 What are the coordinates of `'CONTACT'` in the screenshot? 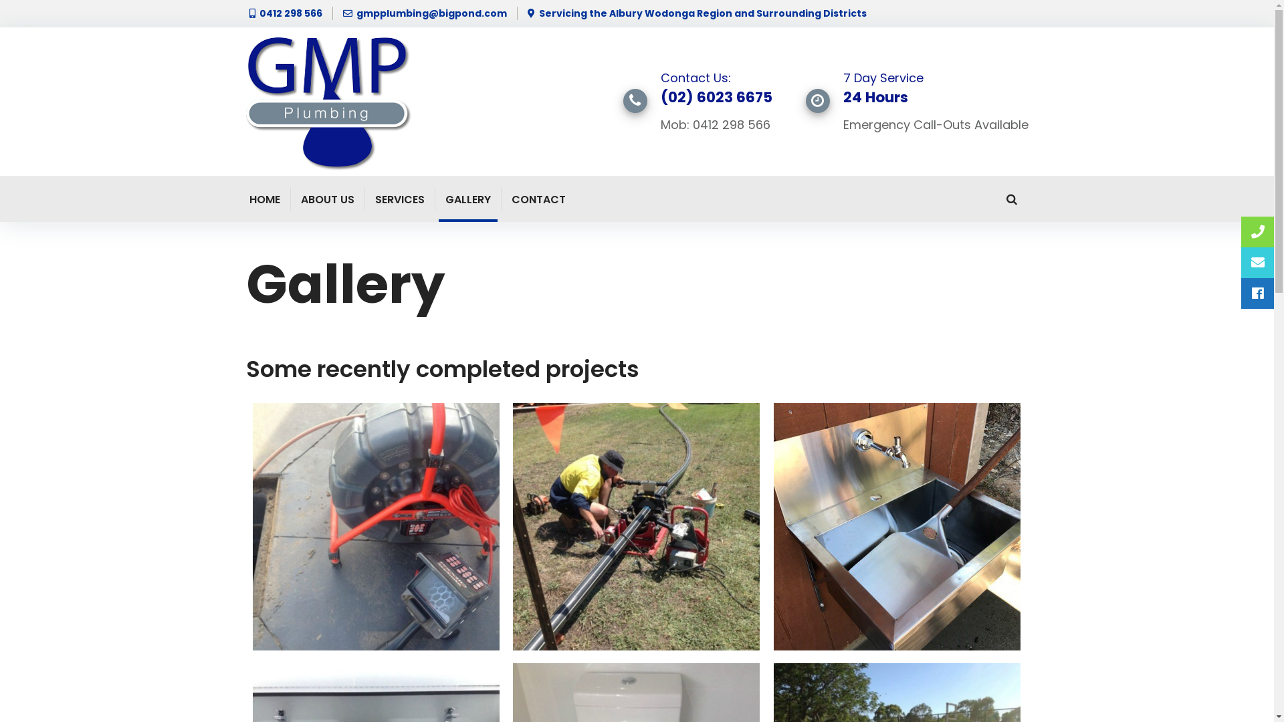 It's located at (503, 199).